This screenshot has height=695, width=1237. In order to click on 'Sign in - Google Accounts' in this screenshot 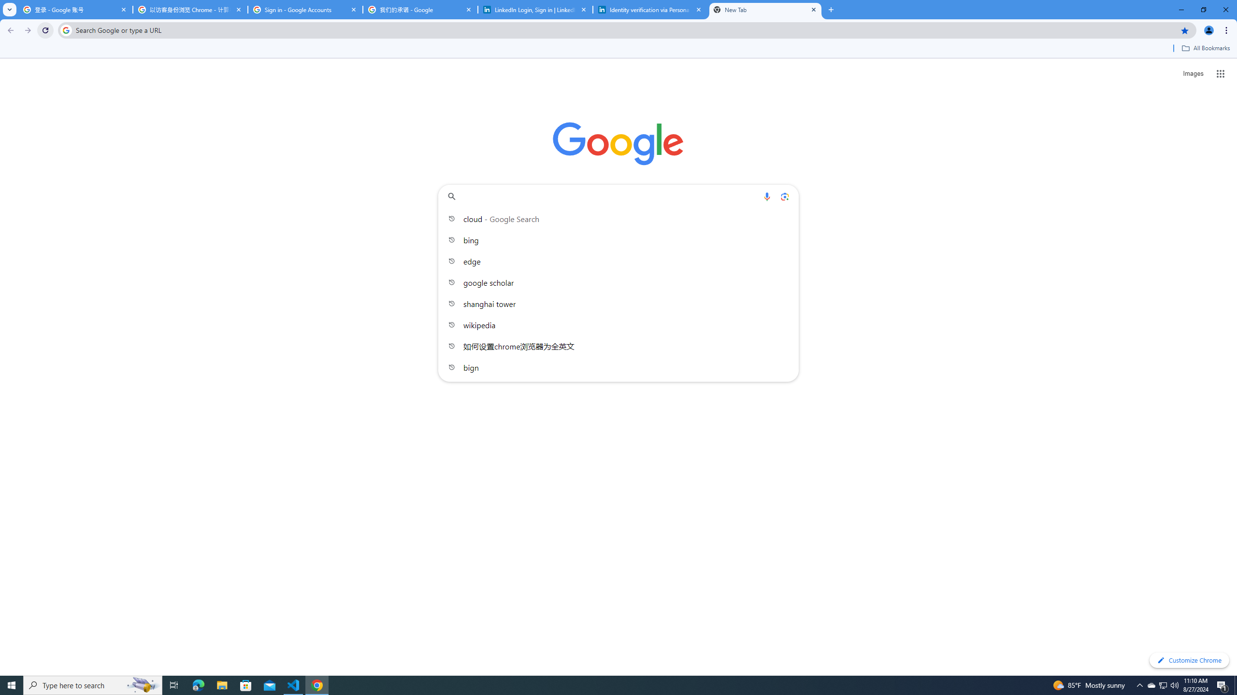, I will do `click(305, 9)`.